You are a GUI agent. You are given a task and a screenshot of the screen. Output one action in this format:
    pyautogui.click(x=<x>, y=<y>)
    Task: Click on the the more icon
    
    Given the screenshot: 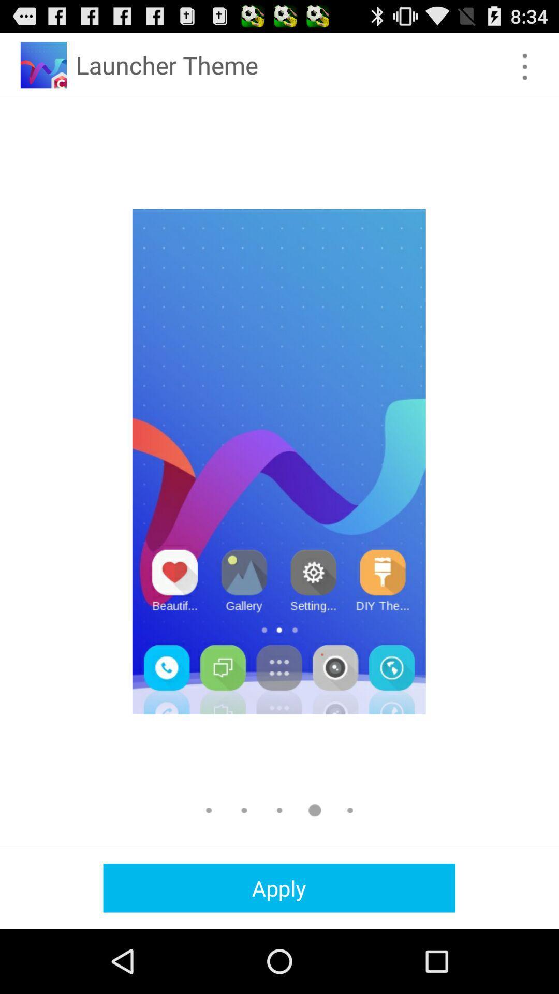 What is the action you would take?
    pyautogui.click(x=525, y=71)
    